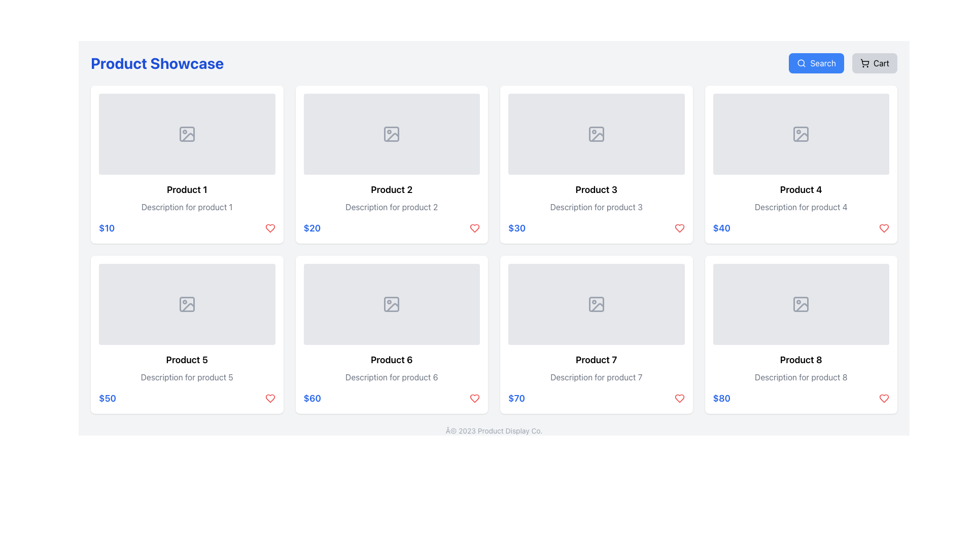 This screenshot has width=974, height=547. What do you see at coordinates (270, 228) in the screenshot?
I see `the heart icon located to the right of the price text '$10' in the first product card` at bounding box center [270, 228].